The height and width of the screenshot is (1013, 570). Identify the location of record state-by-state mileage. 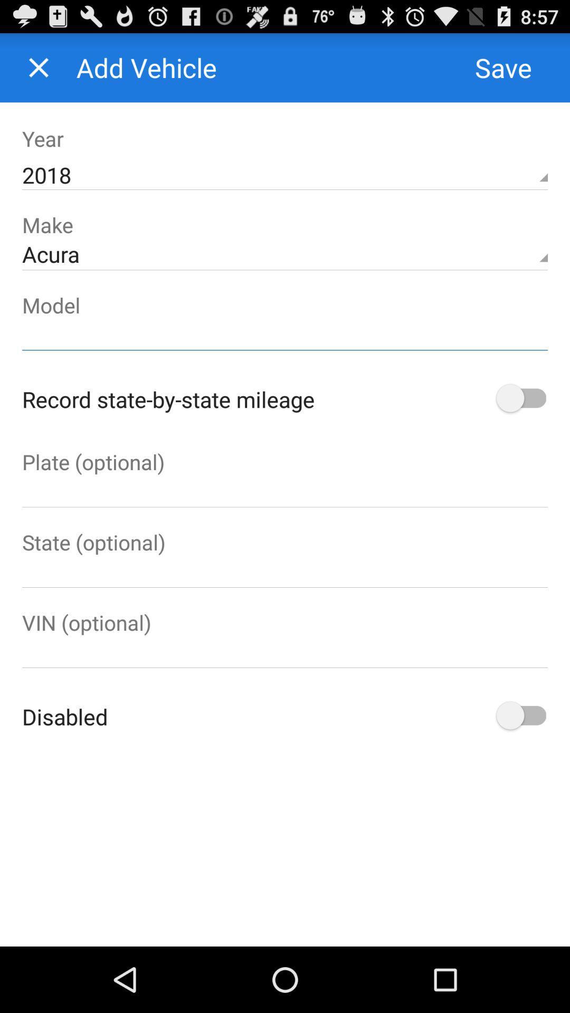
(519, 398).